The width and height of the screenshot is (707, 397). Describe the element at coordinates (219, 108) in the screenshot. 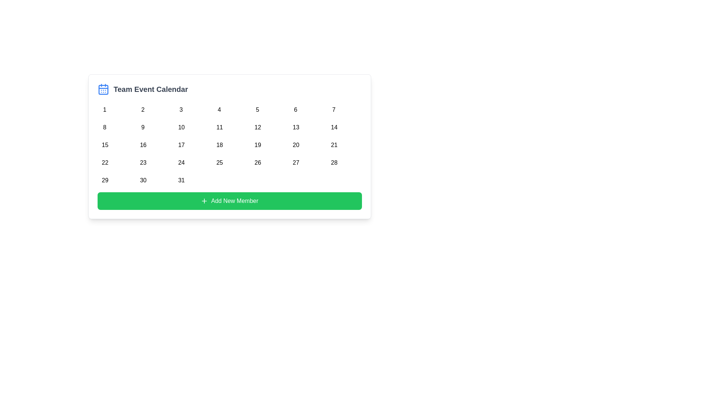

I see `the square button with rounded corners labeled '4' in the calendar grid` at that location.